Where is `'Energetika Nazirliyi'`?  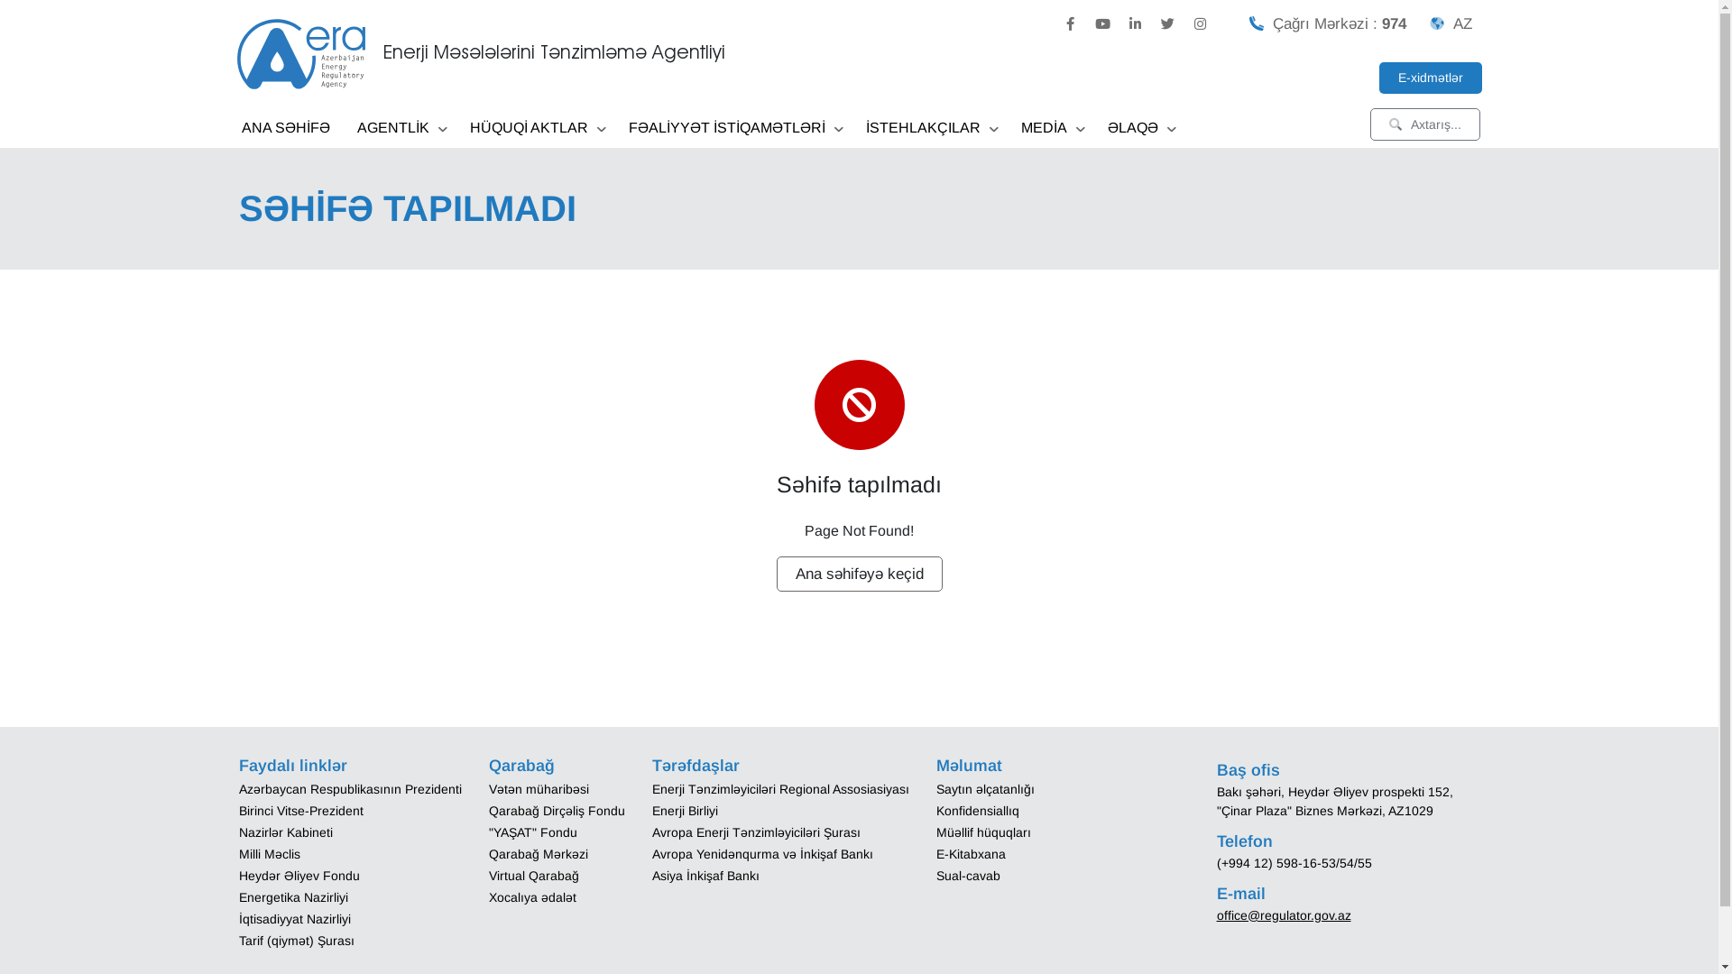
'Energetika Nazirliyi' is located at coordinates (292, 896).